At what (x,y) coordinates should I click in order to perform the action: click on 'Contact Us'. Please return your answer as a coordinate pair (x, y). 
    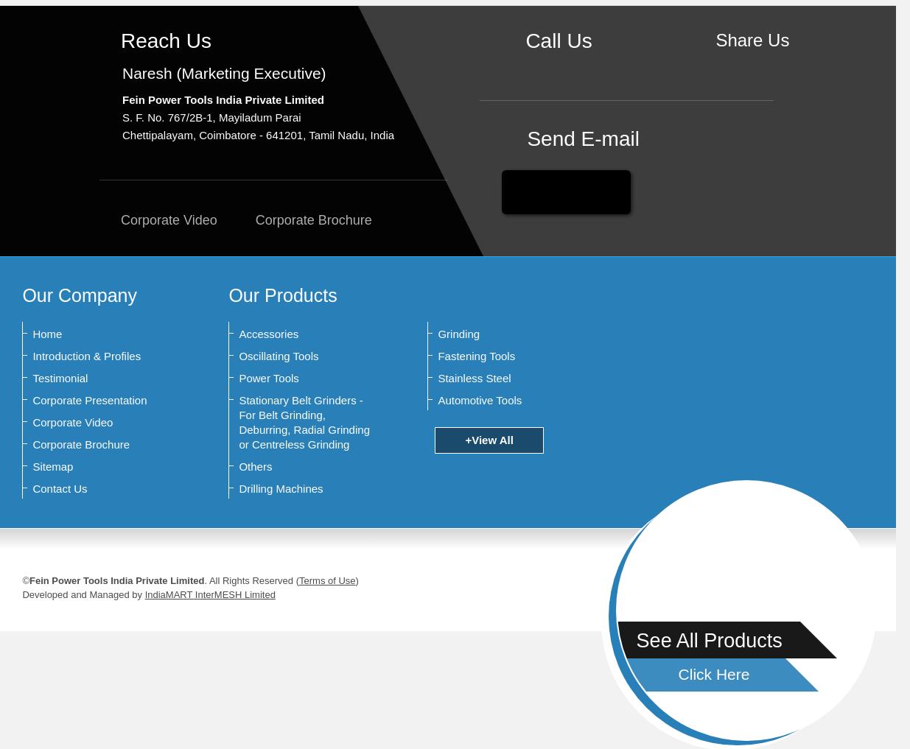
    Looking at the image, I should click on (59, 488).